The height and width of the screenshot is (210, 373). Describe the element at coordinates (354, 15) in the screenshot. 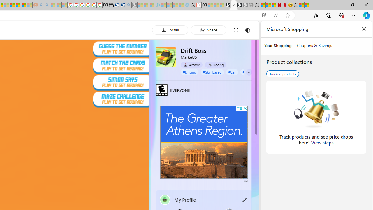

I see `'Settings and more (Alt+F)'` at that location.